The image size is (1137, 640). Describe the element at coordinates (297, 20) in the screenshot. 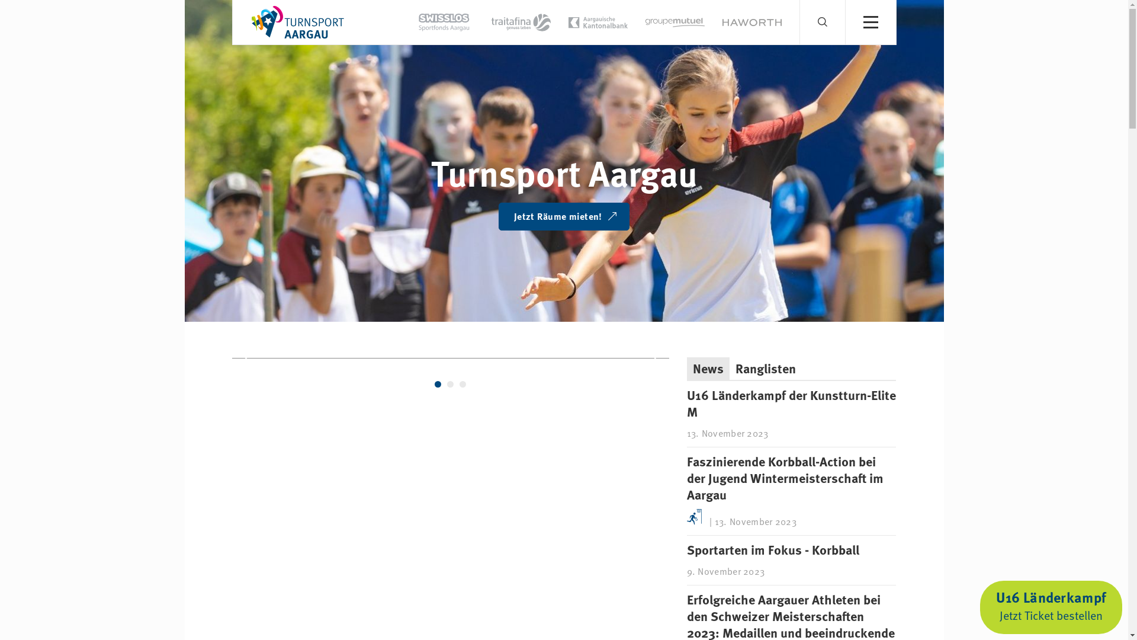

I see `'Logo Aargauer Turnverband ATV'` at that location.